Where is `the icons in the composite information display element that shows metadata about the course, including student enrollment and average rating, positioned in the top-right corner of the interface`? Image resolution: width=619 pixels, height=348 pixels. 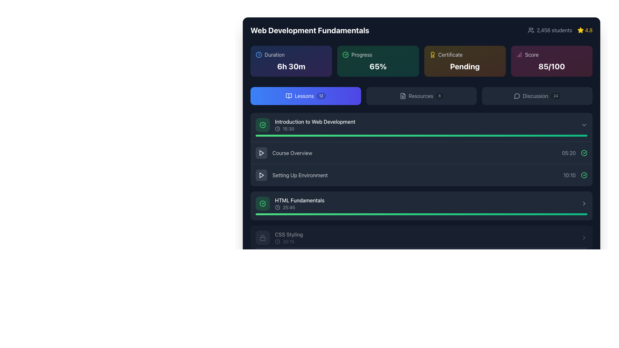
the icons in the composite information display element that shows metadata about the course, including student enrollment and average rating, positioned in the top-right corner of the interface is located at coordinates (560, 30).